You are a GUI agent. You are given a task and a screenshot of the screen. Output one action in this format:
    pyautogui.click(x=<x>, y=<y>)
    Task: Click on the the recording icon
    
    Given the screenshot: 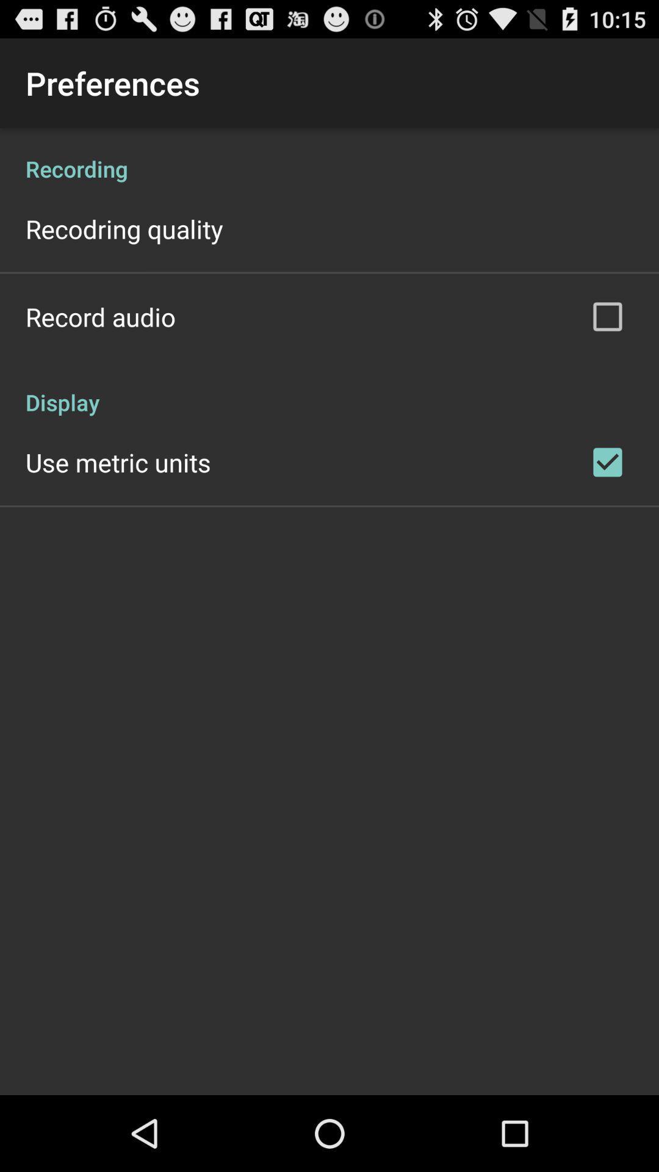 What is the action you would take?
    pyautogui.click(x=329, y=155)
    